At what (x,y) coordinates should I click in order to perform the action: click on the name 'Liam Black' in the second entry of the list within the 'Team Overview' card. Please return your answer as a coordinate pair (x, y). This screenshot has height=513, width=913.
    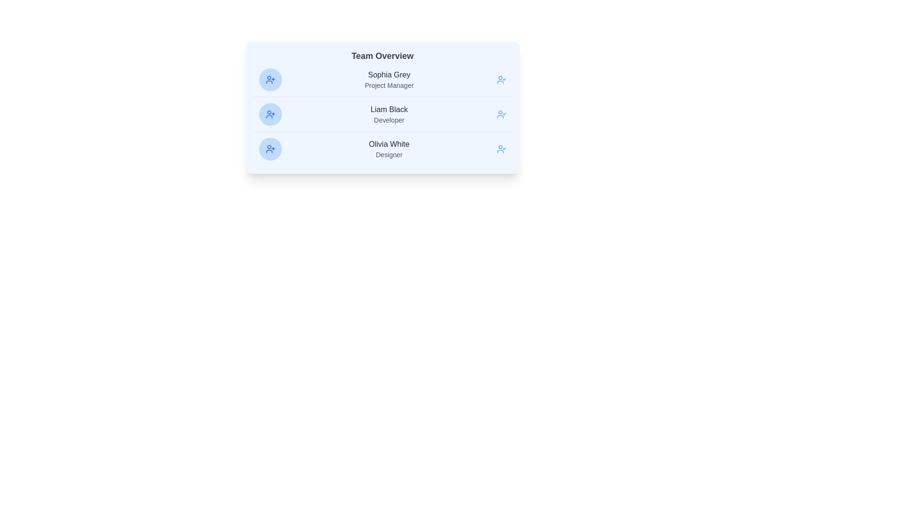
    Looking at the image, I should click on (382, 114).